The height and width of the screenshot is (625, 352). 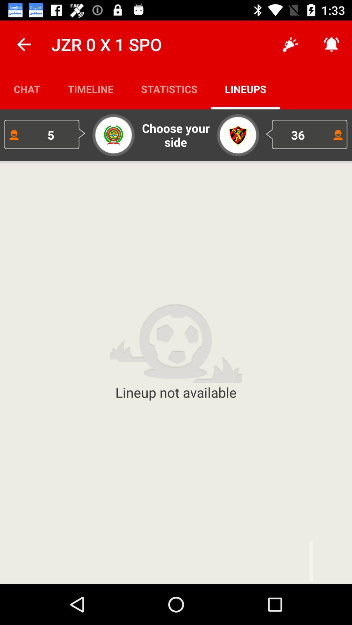 I want to click on the statistics icon, so click(x=169, y=89).